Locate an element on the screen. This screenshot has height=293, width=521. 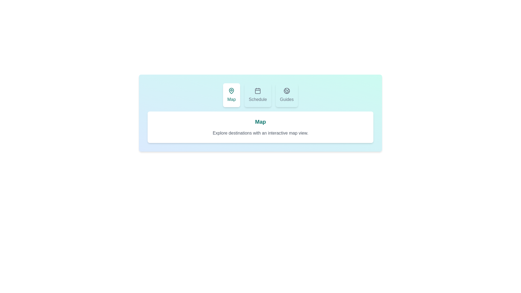
the Schedule button to observe its effects is located at coordinates (258, 95).